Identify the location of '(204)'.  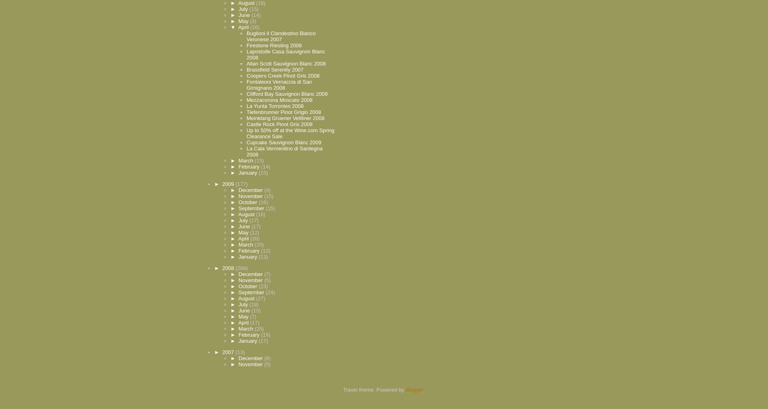
(241, 268).